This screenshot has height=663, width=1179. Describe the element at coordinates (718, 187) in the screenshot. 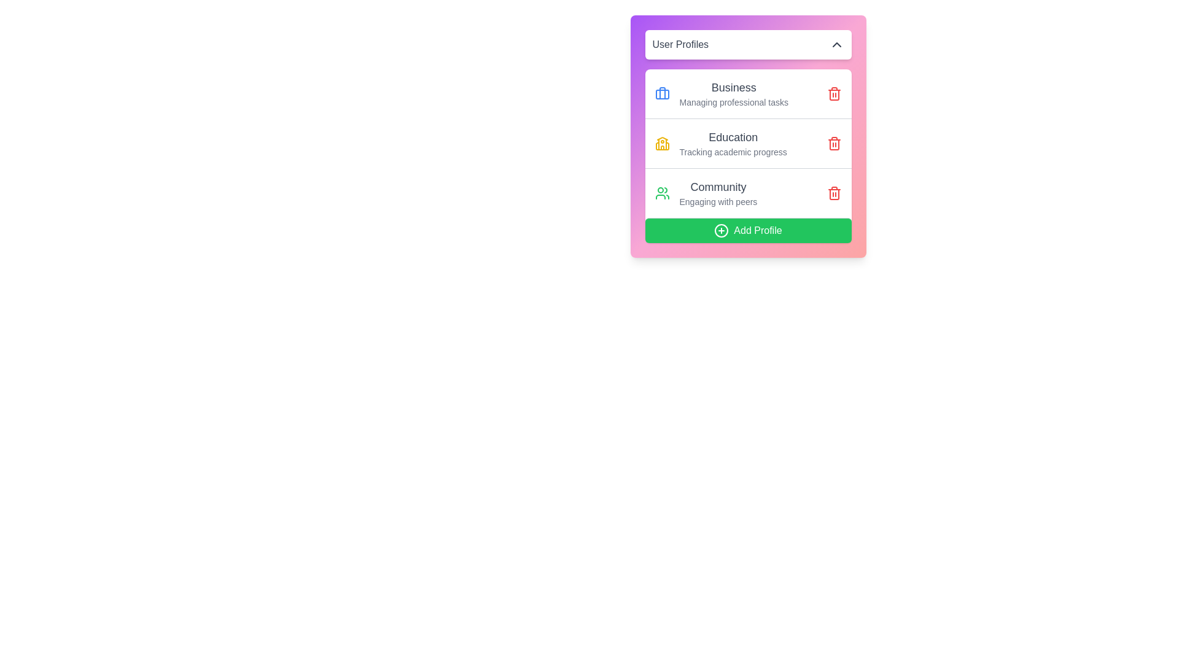

I see `text label 'Community' which is displayed in a medium-sized bold font, located in the third row under the 'User Profiles' header` at that location.